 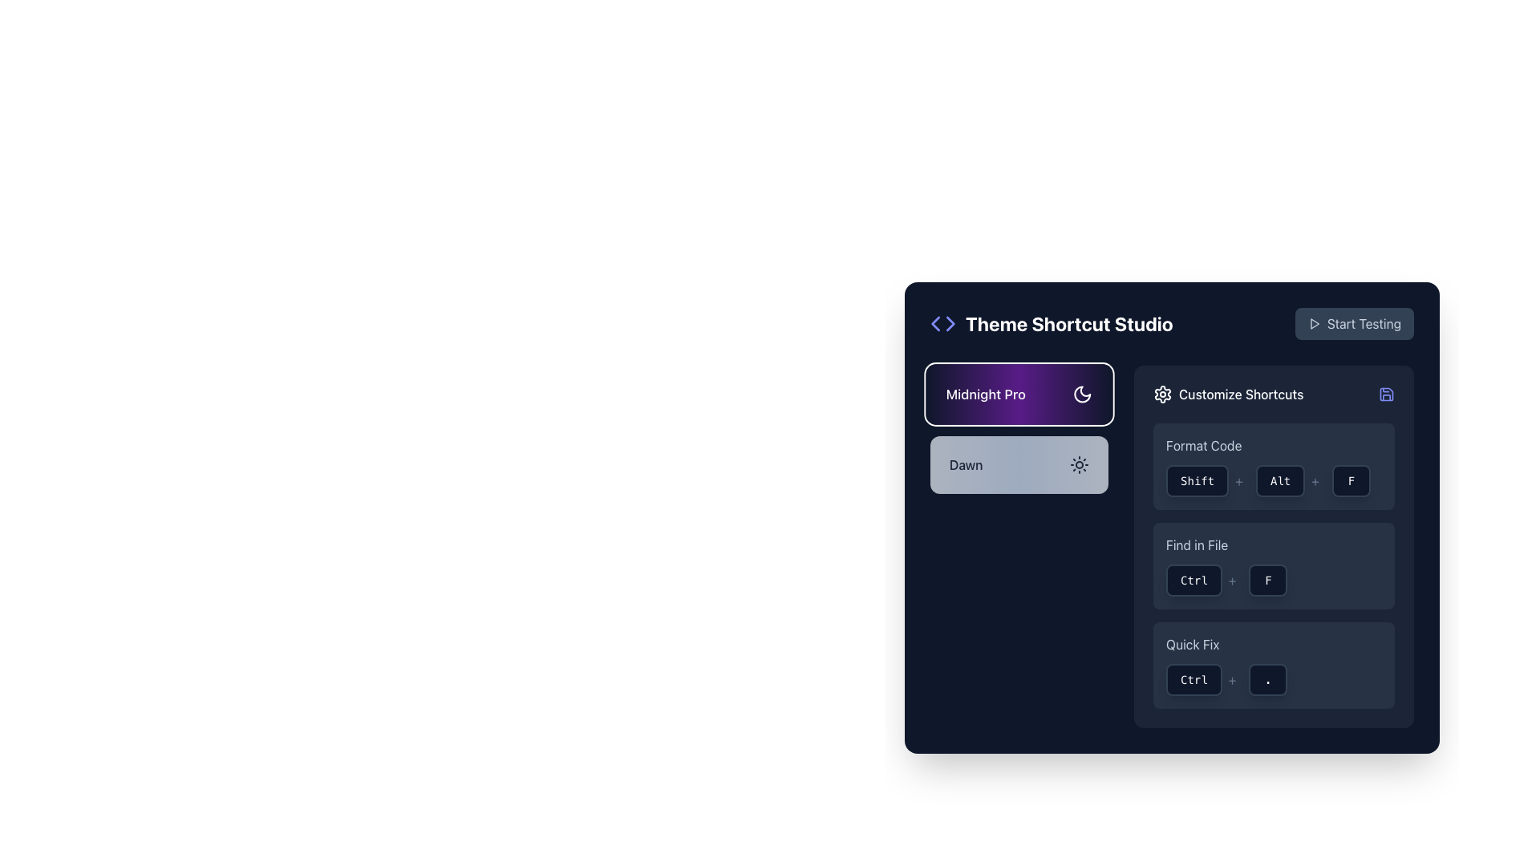 I want to click on the 'Ctrl' text label styled as a key button, so click(x=1193, y=581).